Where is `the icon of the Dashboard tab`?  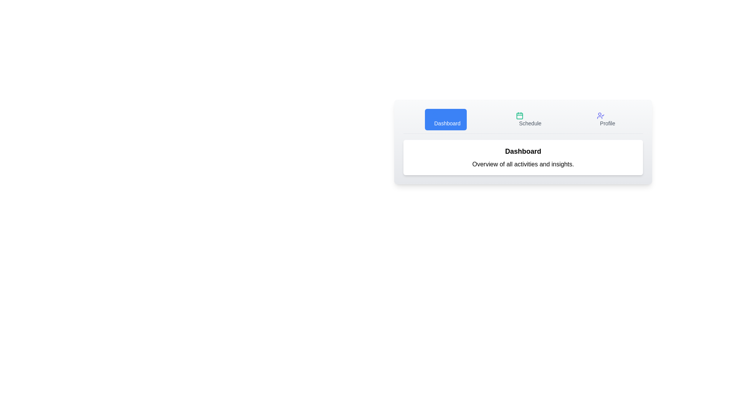
the icon of the Dashboard tab is located at coordinates (435, 115).